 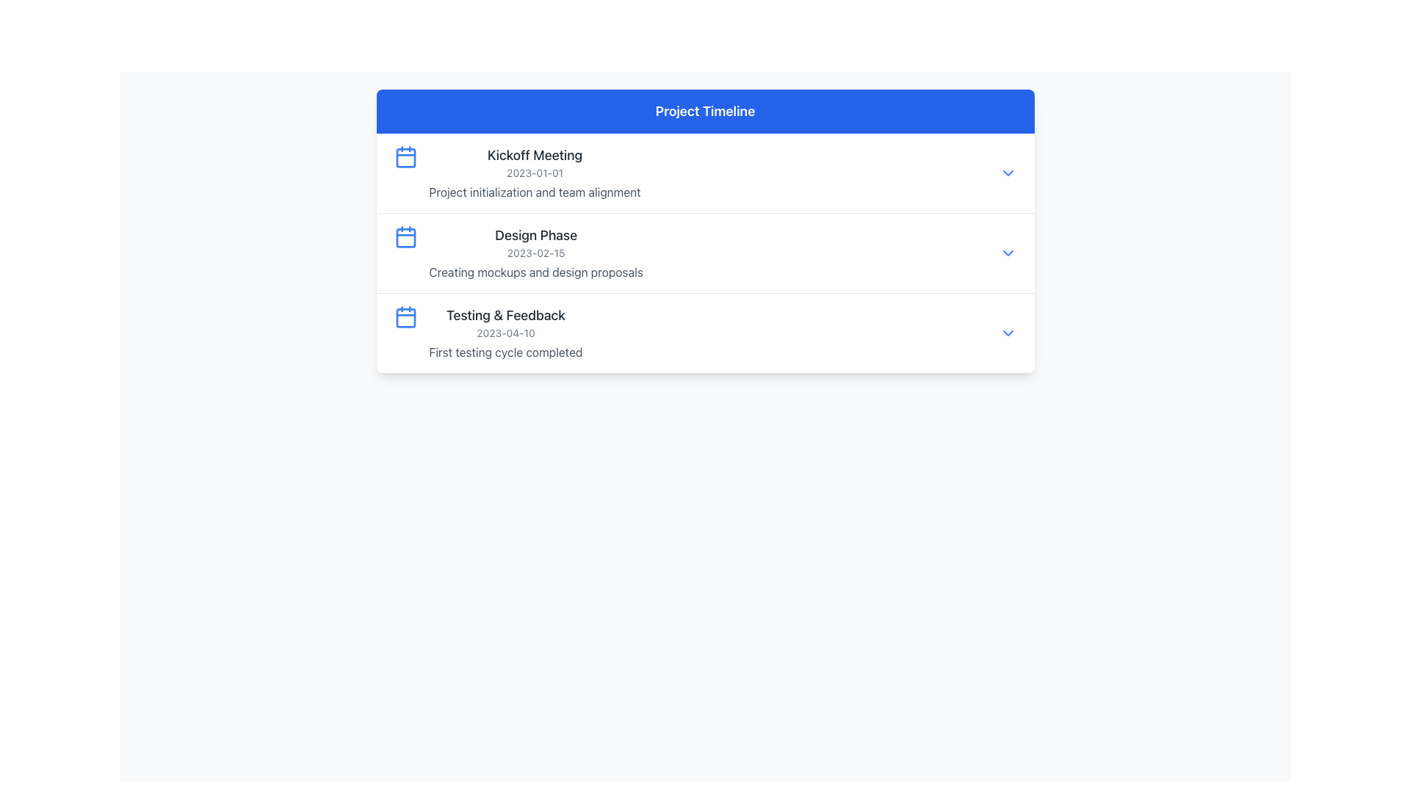 I want to click on the calendar icon located to the left of the 'Testing & Feedback' text in the third entry of the timeline list, so click(x=405, y=316).